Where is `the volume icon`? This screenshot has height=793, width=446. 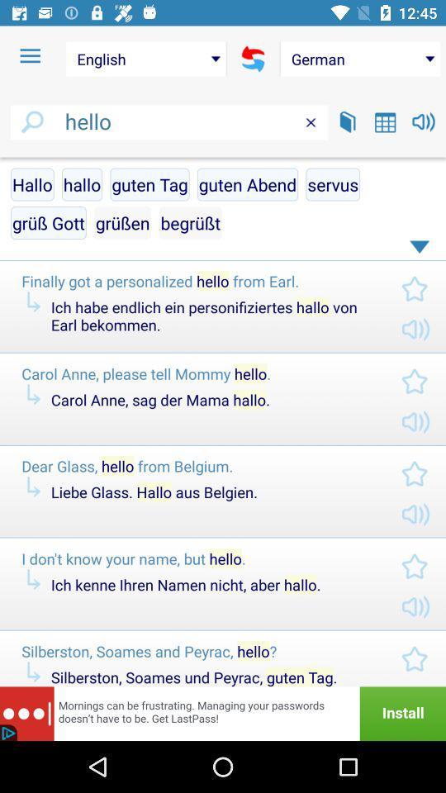
the volume icon is located at coordinates (424, 121).